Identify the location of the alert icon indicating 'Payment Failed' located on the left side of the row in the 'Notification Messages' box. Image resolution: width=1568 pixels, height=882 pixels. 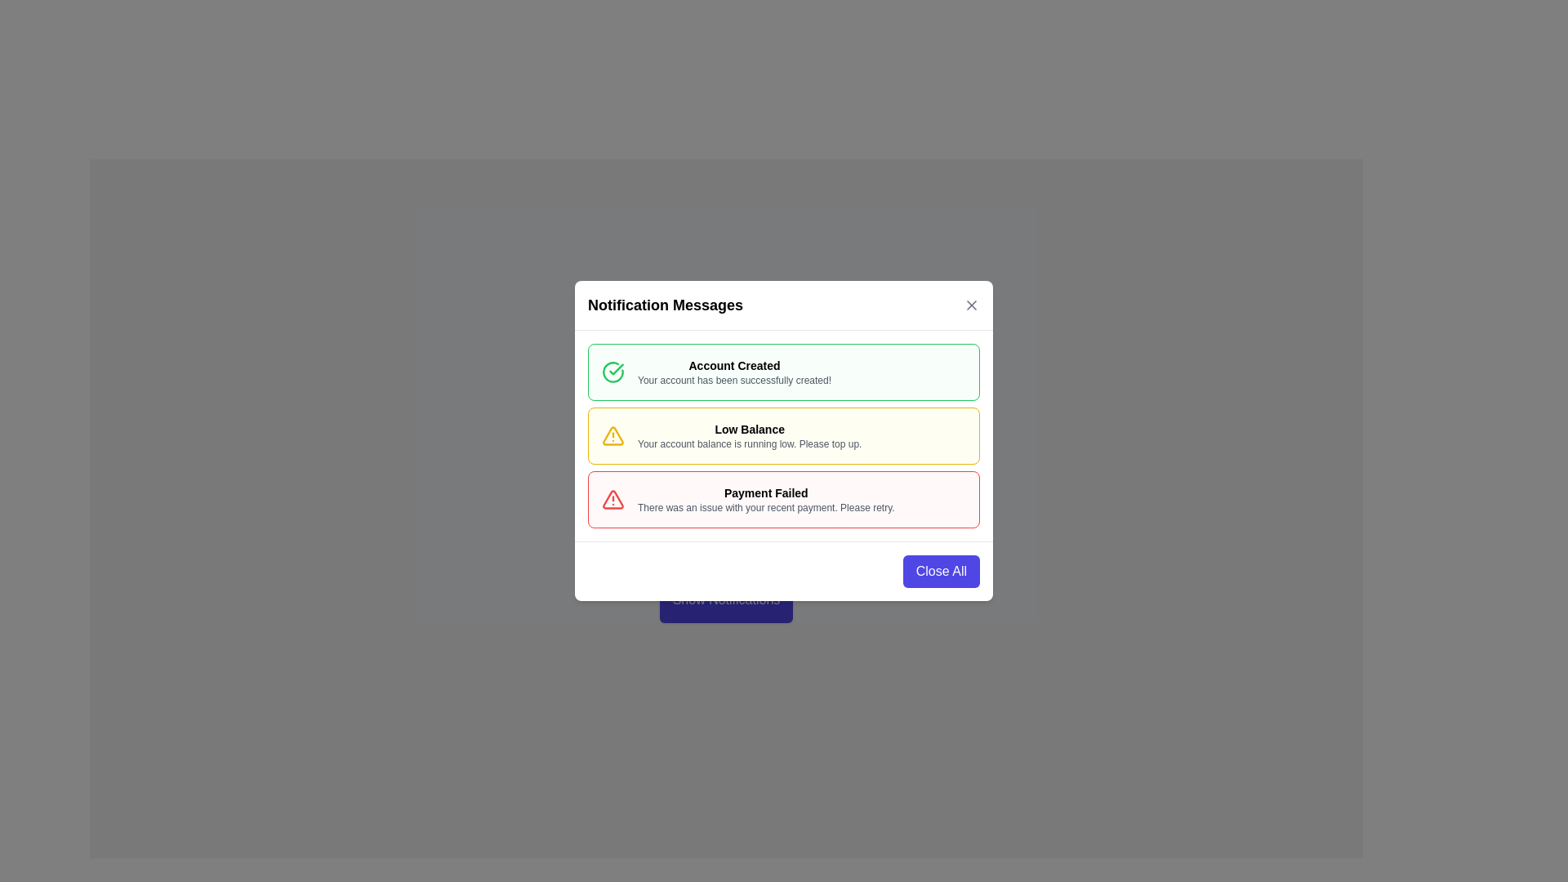
(612, 499).